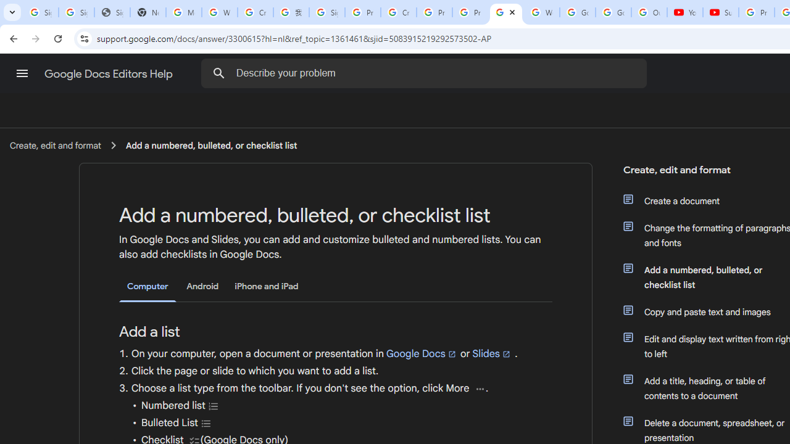 The image size is (790, 444). Describe the element at coordinates (491, 353) in the screenshot. I see `'Slides'` at that location.